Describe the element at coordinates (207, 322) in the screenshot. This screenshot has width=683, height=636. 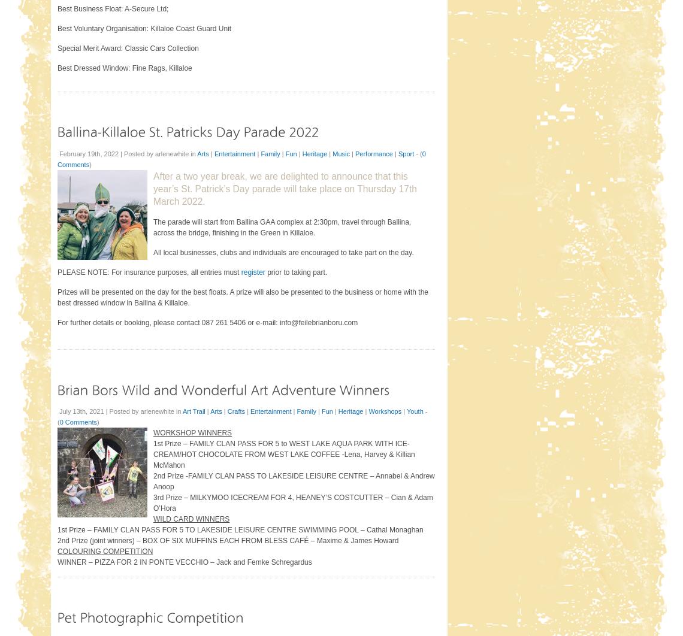
I see `'For further details or booking, please contact 087 261 5406 or e-mail: info@feilebrianboru.com'` at that location.